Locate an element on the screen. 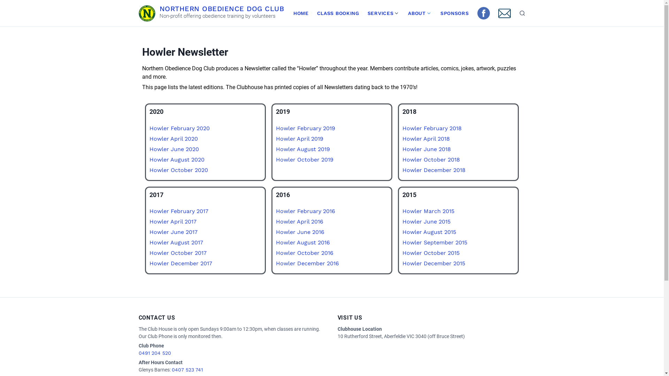 The width and height of the screenshot is (669, 376). 'SERVICES' is located at coordinates (363, 13).